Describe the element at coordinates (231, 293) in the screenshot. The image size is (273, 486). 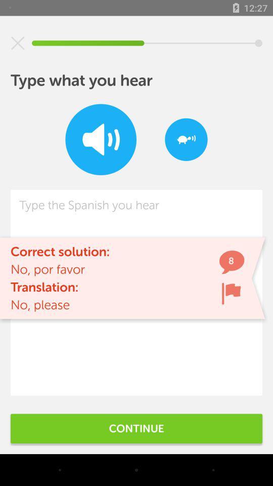
I see `icon to the right of no, por favor` at that location.